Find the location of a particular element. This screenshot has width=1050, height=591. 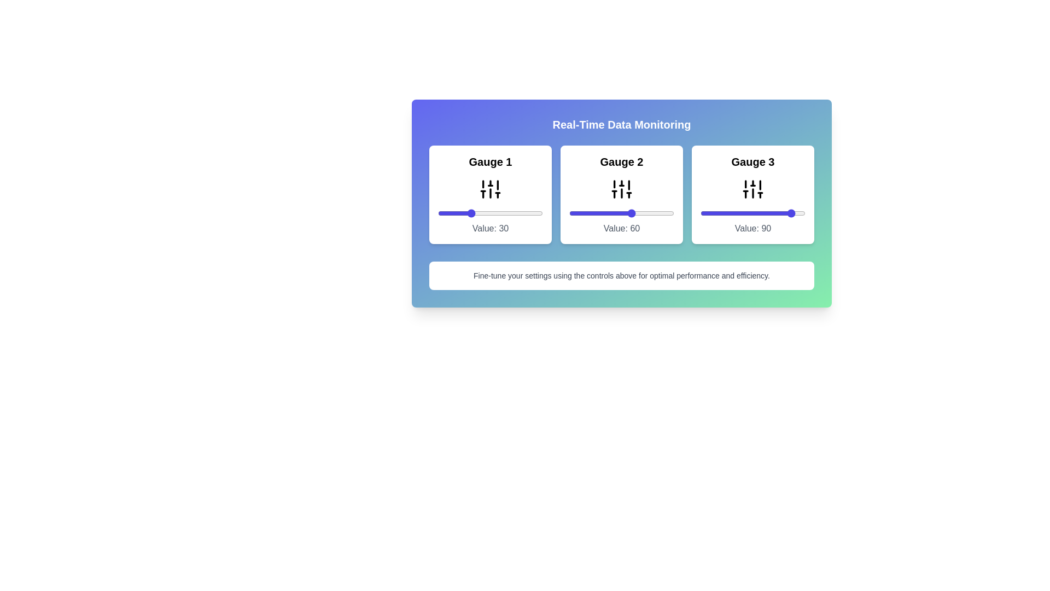

the slider is located at coordinates (580, 213).